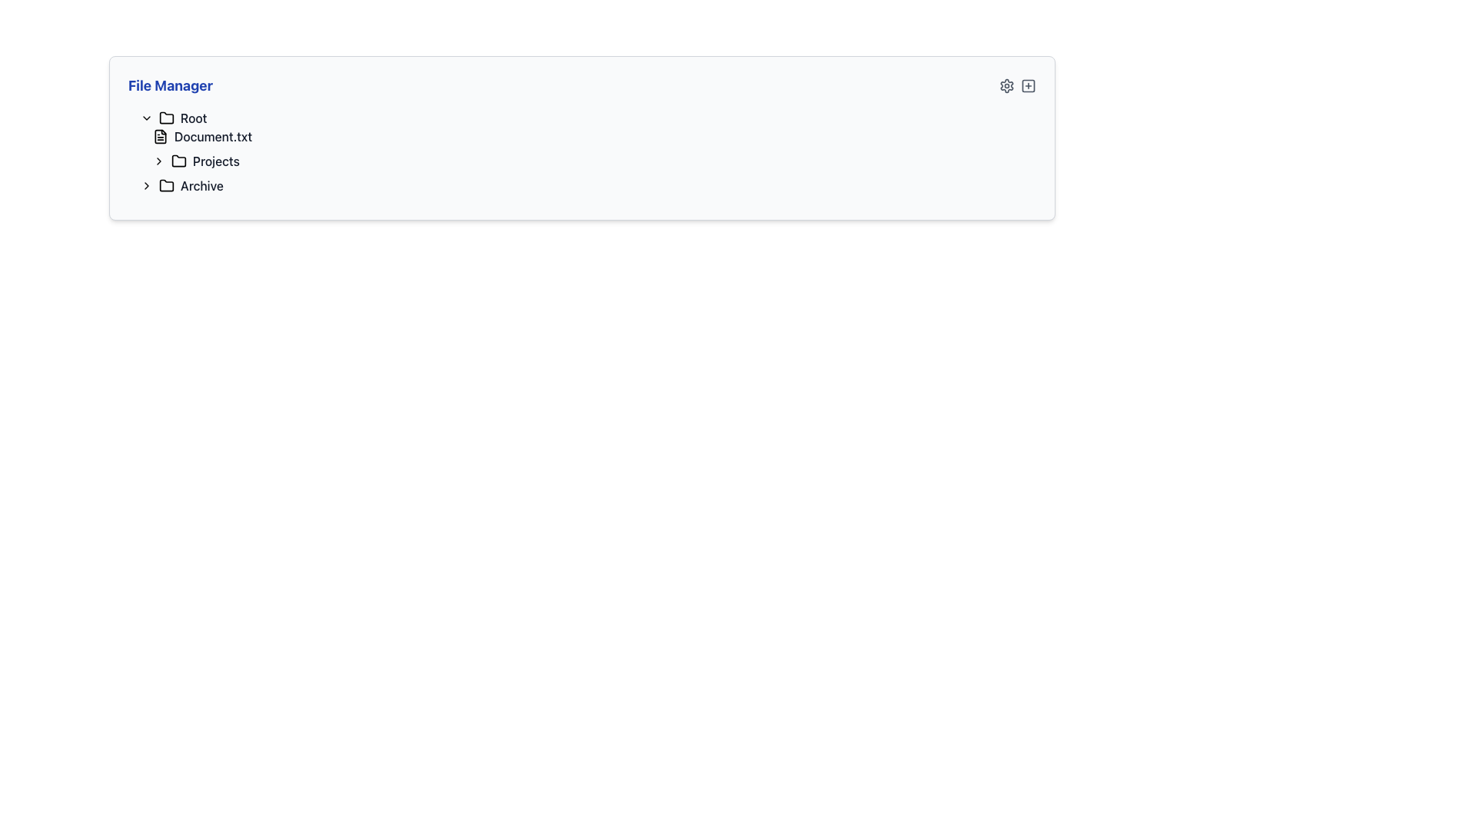 The height and width of the screenshot is (830, 1476). What do you see at coordinates (147, 185) in the screenshot?
I see `the Chevron icon button` at bounding box center [147, 185].